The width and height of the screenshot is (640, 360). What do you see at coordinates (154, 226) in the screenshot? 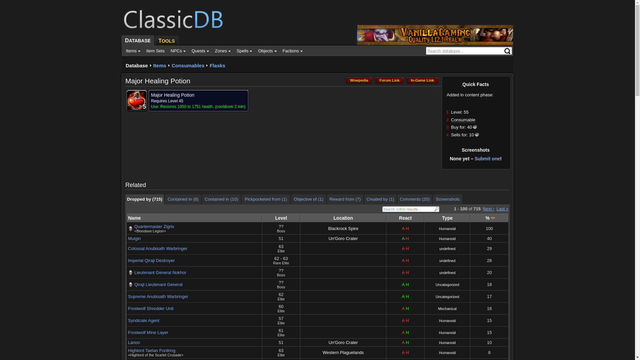
I see `'Quartermaster Zigris'` at bounding box center [154, 226].